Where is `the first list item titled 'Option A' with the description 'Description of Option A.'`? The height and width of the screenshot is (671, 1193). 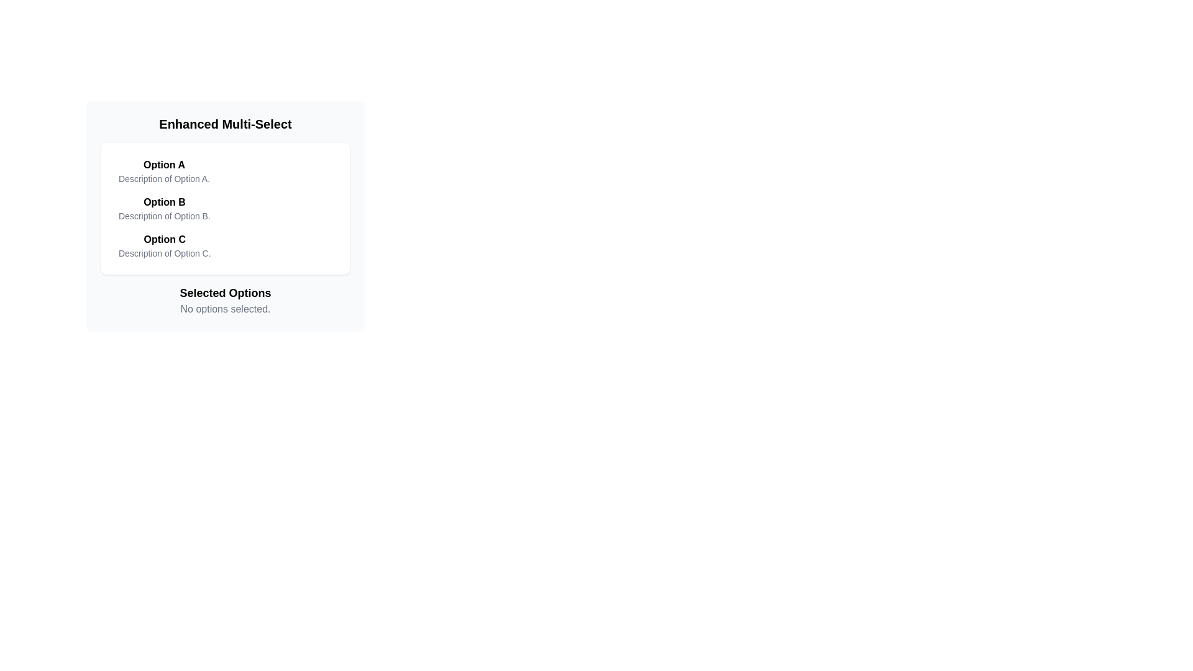 the first list item titled 'Option A' with the description 'Description of Option A.' is located at coordinates (226, 171).